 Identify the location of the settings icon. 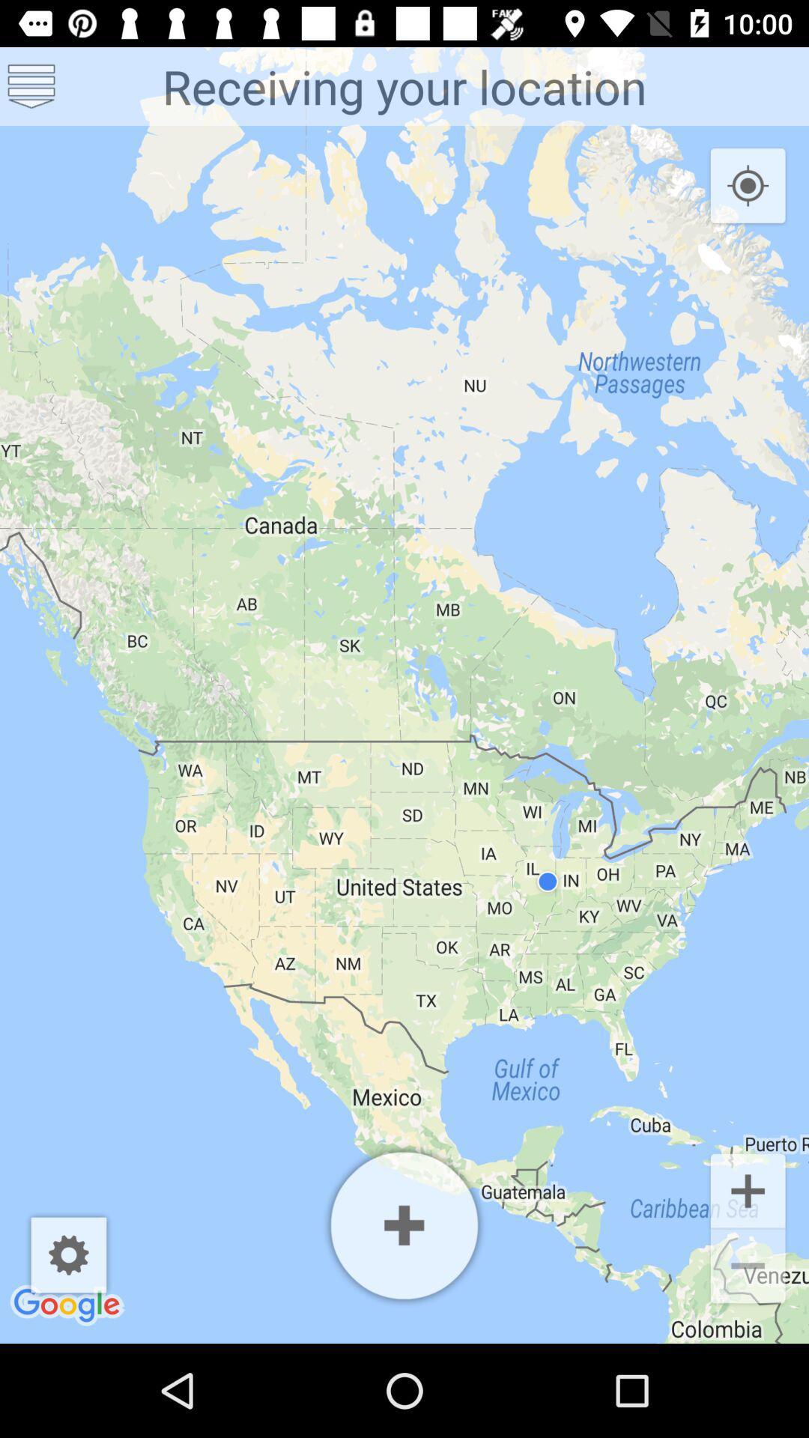
(68, 1255).